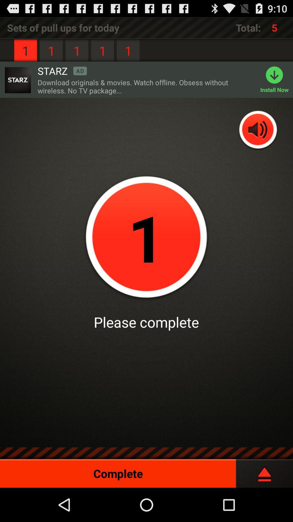 The image size is (293, 522). What do you see at coordinates (17, 80) in the screenshot?
I see `item next to the starz item` at bounding box center [17, 80].